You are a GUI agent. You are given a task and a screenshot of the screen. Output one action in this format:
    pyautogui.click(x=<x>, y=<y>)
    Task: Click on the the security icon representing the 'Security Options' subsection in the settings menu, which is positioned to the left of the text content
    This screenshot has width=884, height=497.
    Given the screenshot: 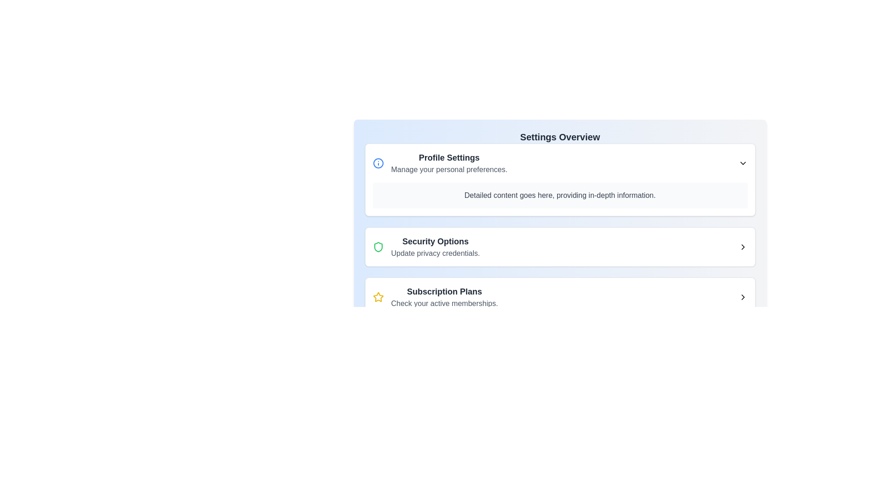 What is the action you would take?
    pyautogui.click(x=378, y=246)
    